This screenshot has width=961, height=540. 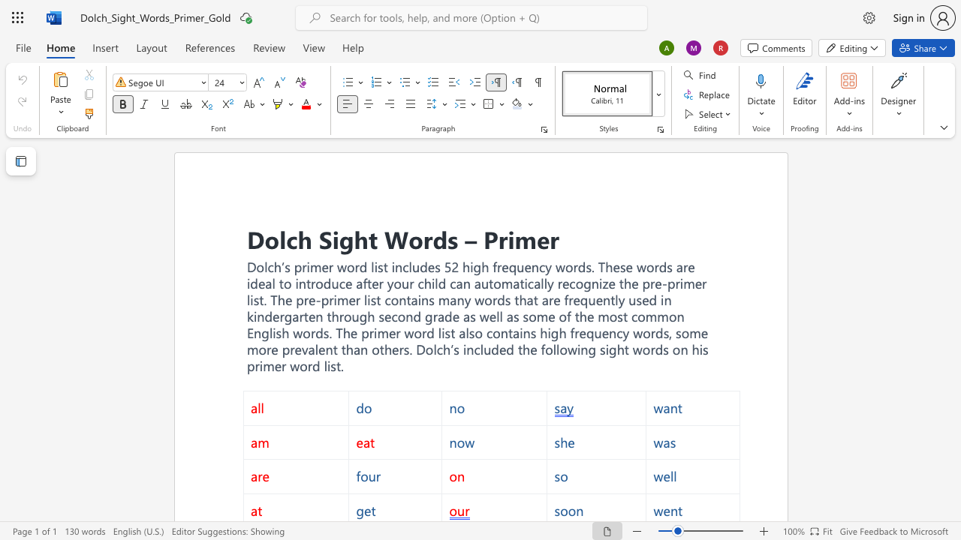 What do you see at coordinates (304, 238) in the screenshot?
I see `the 1th character "h" in the text` at bounding box center [304, 238].